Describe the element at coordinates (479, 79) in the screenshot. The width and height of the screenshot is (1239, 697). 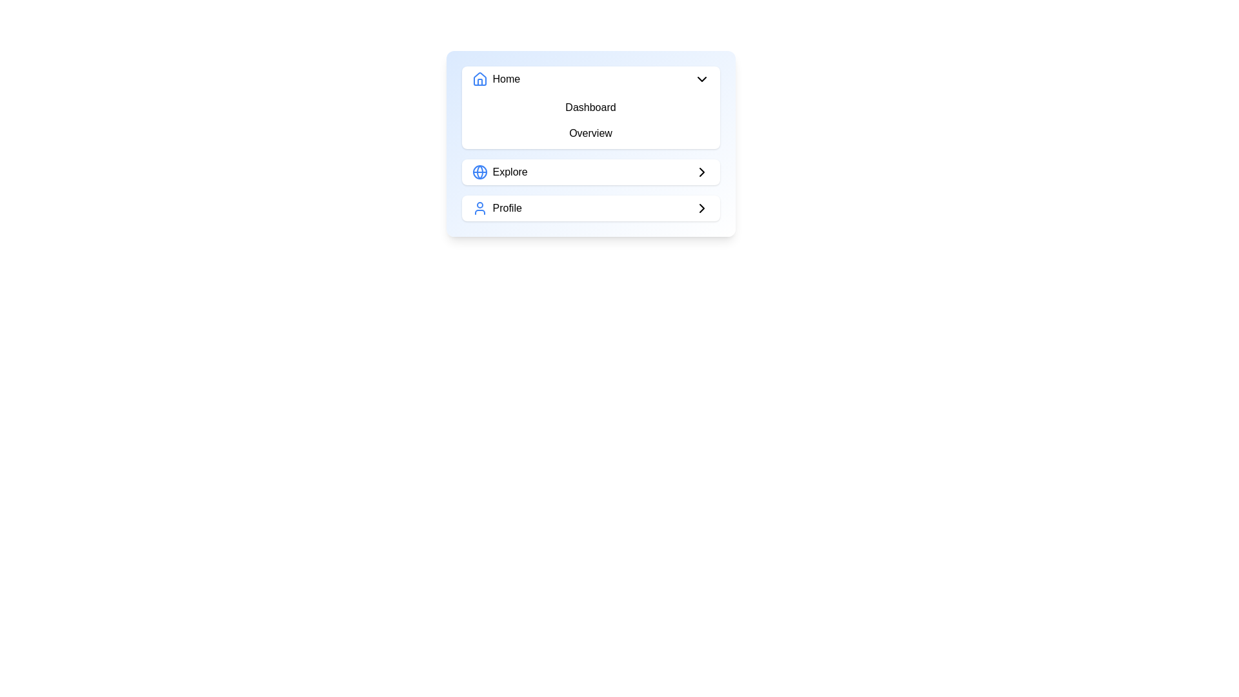
I see `the 'Home' icon located to the left of the 'Home' text label in the menu` at that location.